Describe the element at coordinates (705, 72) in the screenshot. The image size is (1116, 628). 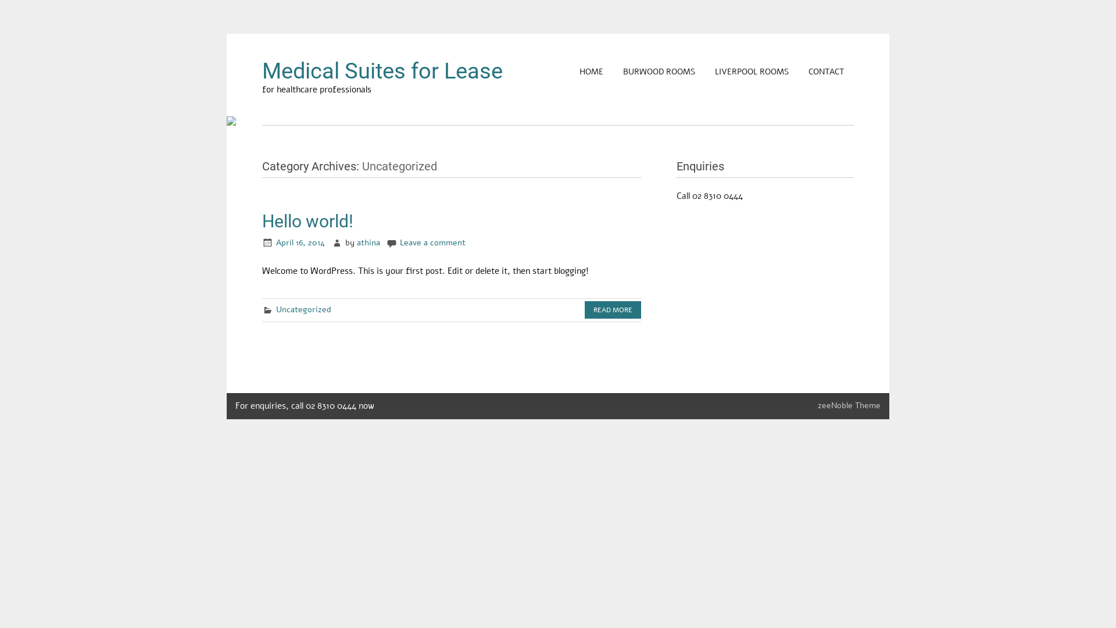
I see `'LIVERPOOL ROOMS'` at that location.